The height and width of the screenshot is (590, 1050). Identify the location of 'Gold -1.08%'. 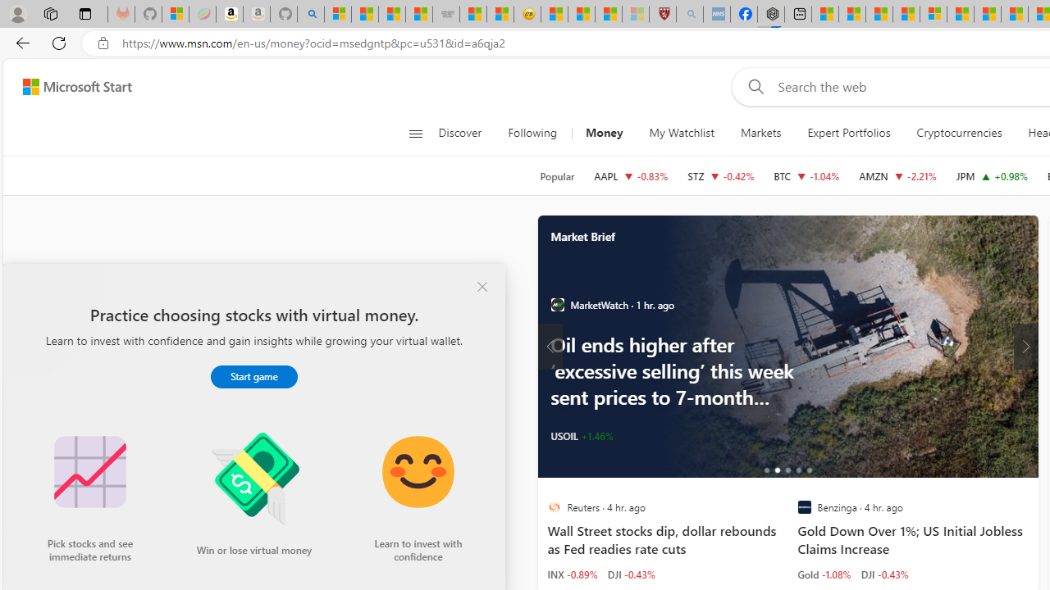
(824, 573).